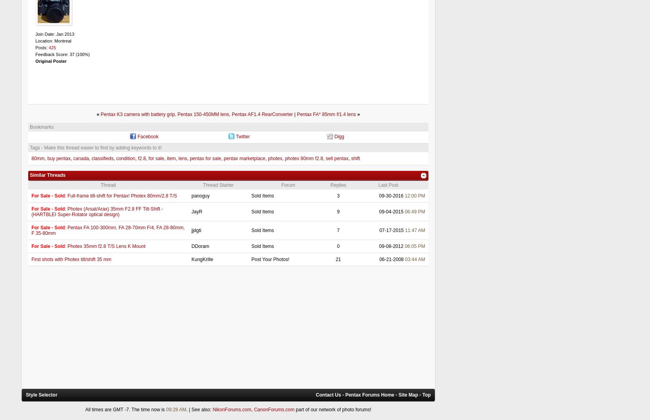  I want to click on 'Bookmarks', so click(41, 127).